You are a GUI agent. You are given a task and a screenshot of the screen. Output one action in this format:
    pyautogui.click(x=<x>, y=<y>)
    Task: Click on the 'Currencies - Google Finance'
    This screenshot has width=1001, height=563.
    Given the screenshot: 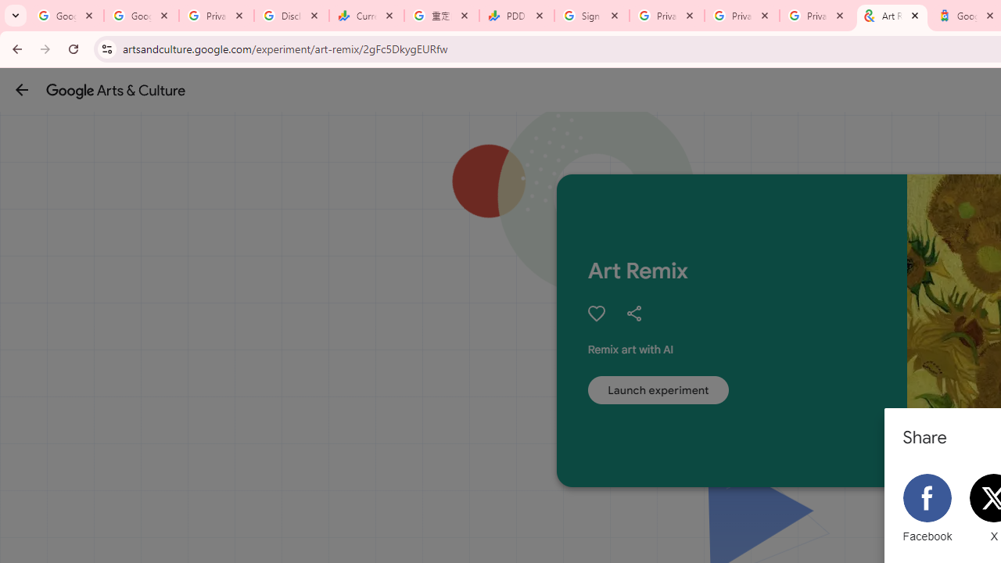 What is the action you would take?
    pyautogui.click(x=366, y=16)
    